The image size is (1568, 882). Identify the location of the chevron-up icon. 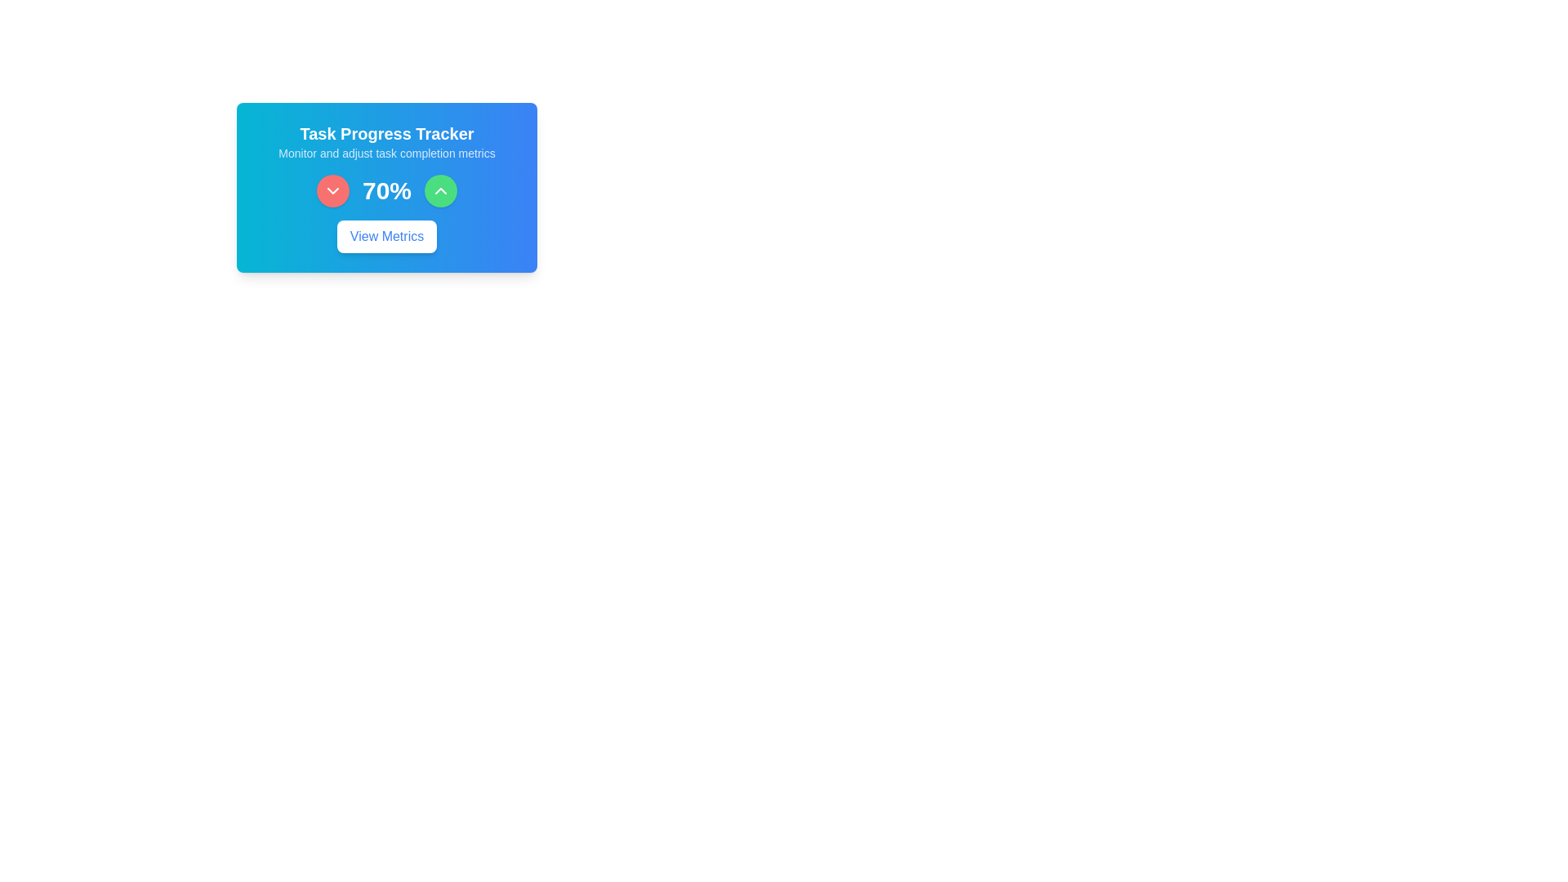
(441, 190).